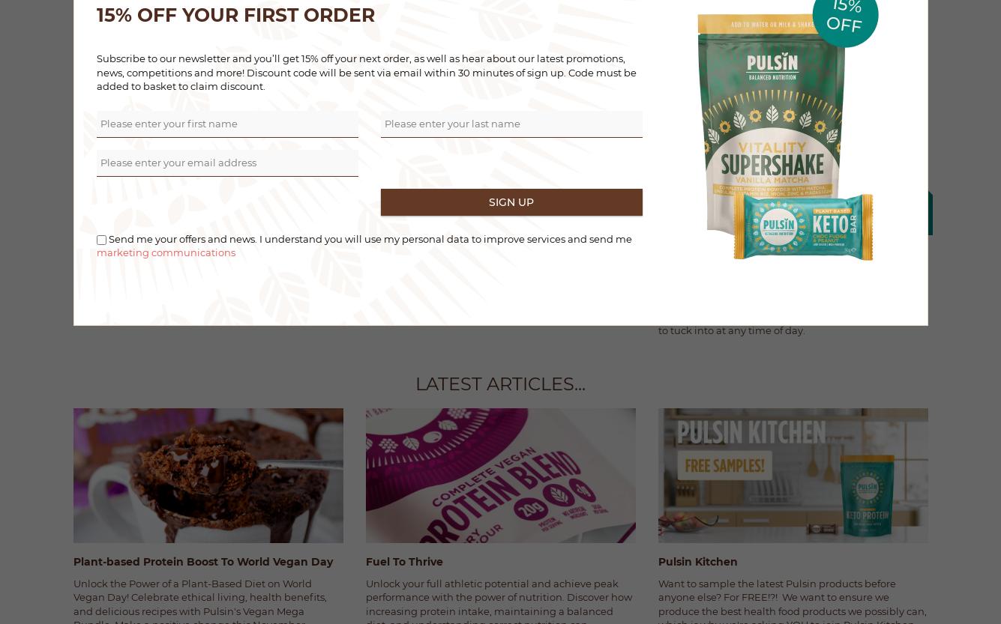  What do you see at coordinates (95, 252) in the screenshot?
I see `'marketing communications'` at bounding box center [95, 252].